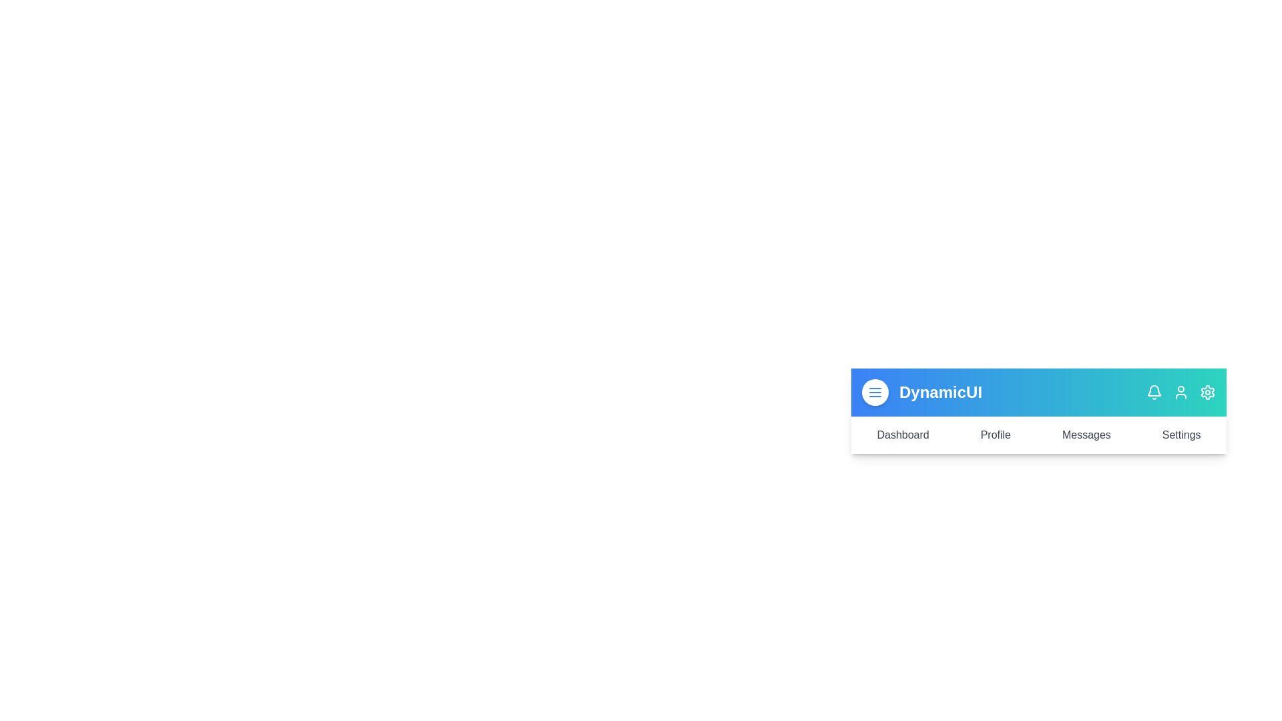 This screenshot has width=1282, height=721. Describe the element at coordinates (1181, 435) in the screenshot. I see `the 'Settings' menu item in the app bar` at that location.